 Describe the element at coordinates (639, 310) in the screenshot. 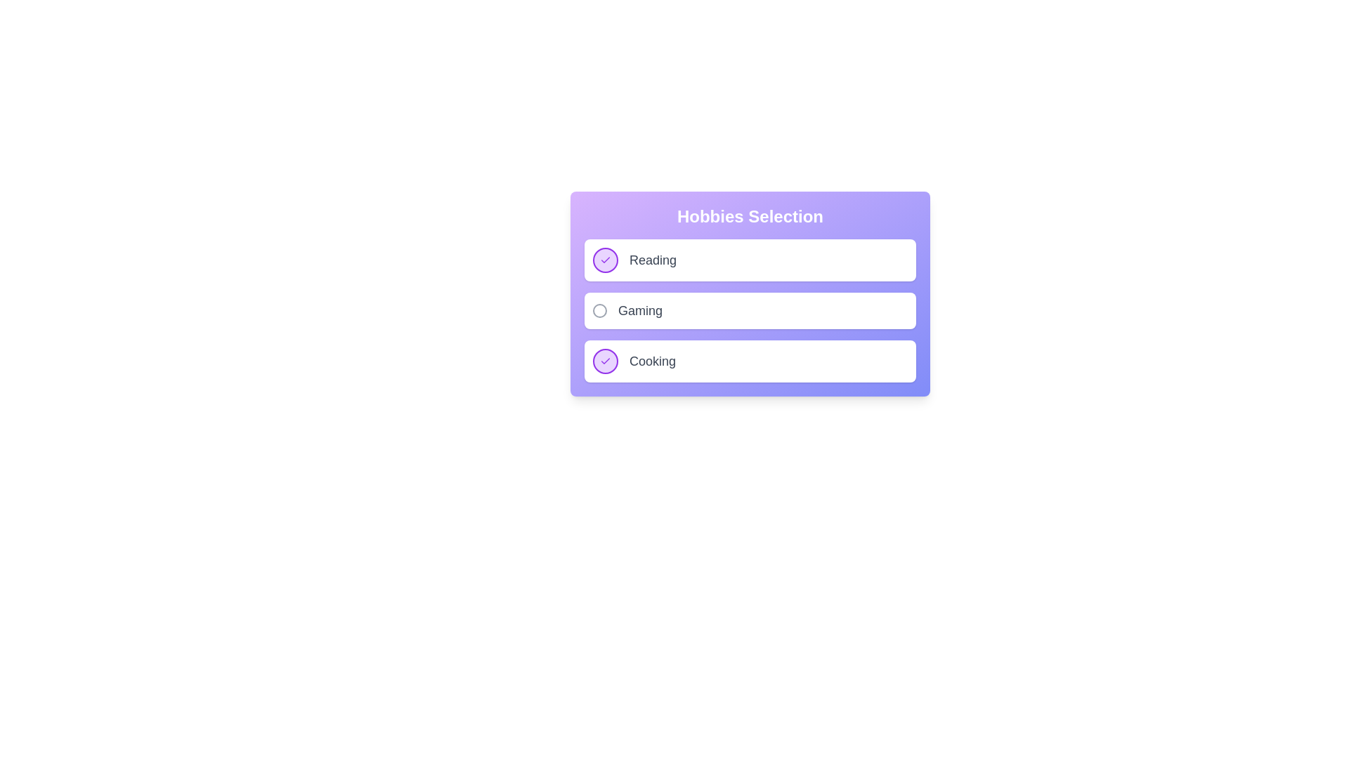

I see `the activity labeled Gaming` at that location.